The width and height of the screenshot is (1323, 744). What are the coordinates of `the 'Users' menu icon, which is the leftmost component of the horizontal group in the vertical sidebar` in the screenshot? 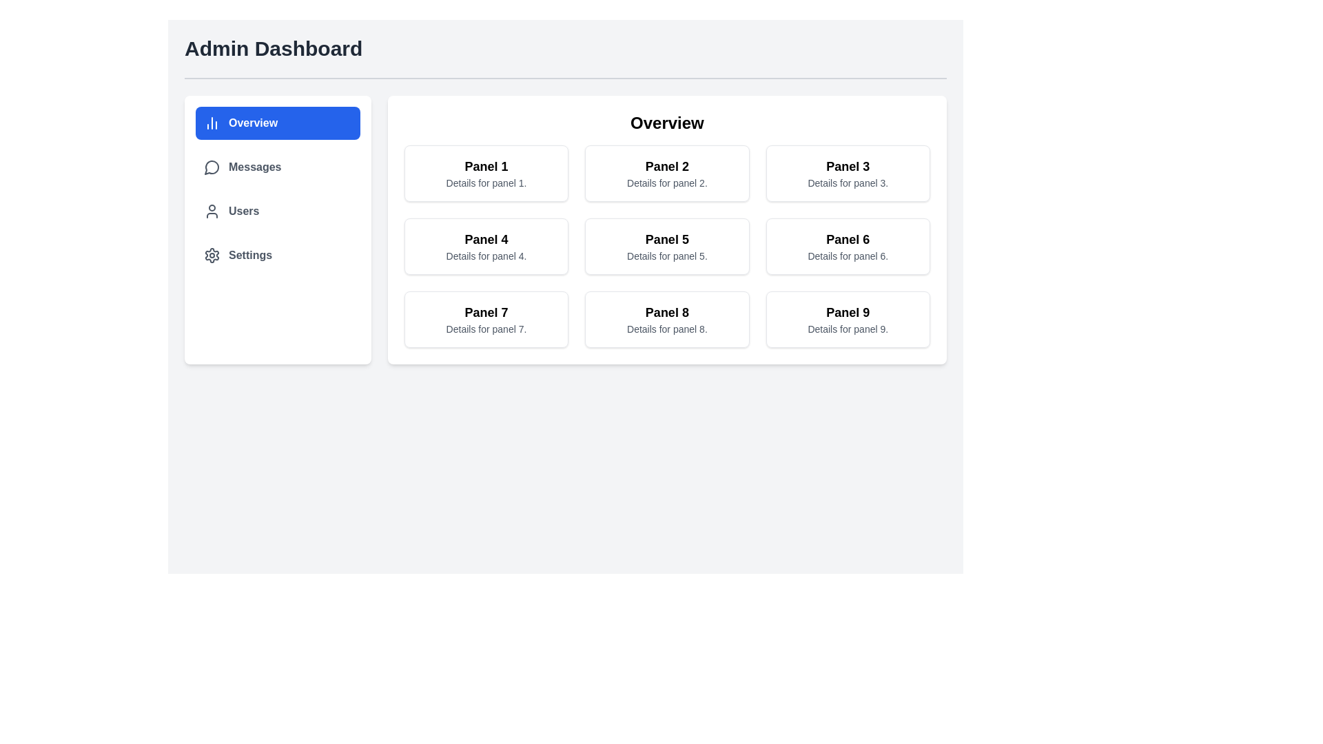 It's located at (211, 211).